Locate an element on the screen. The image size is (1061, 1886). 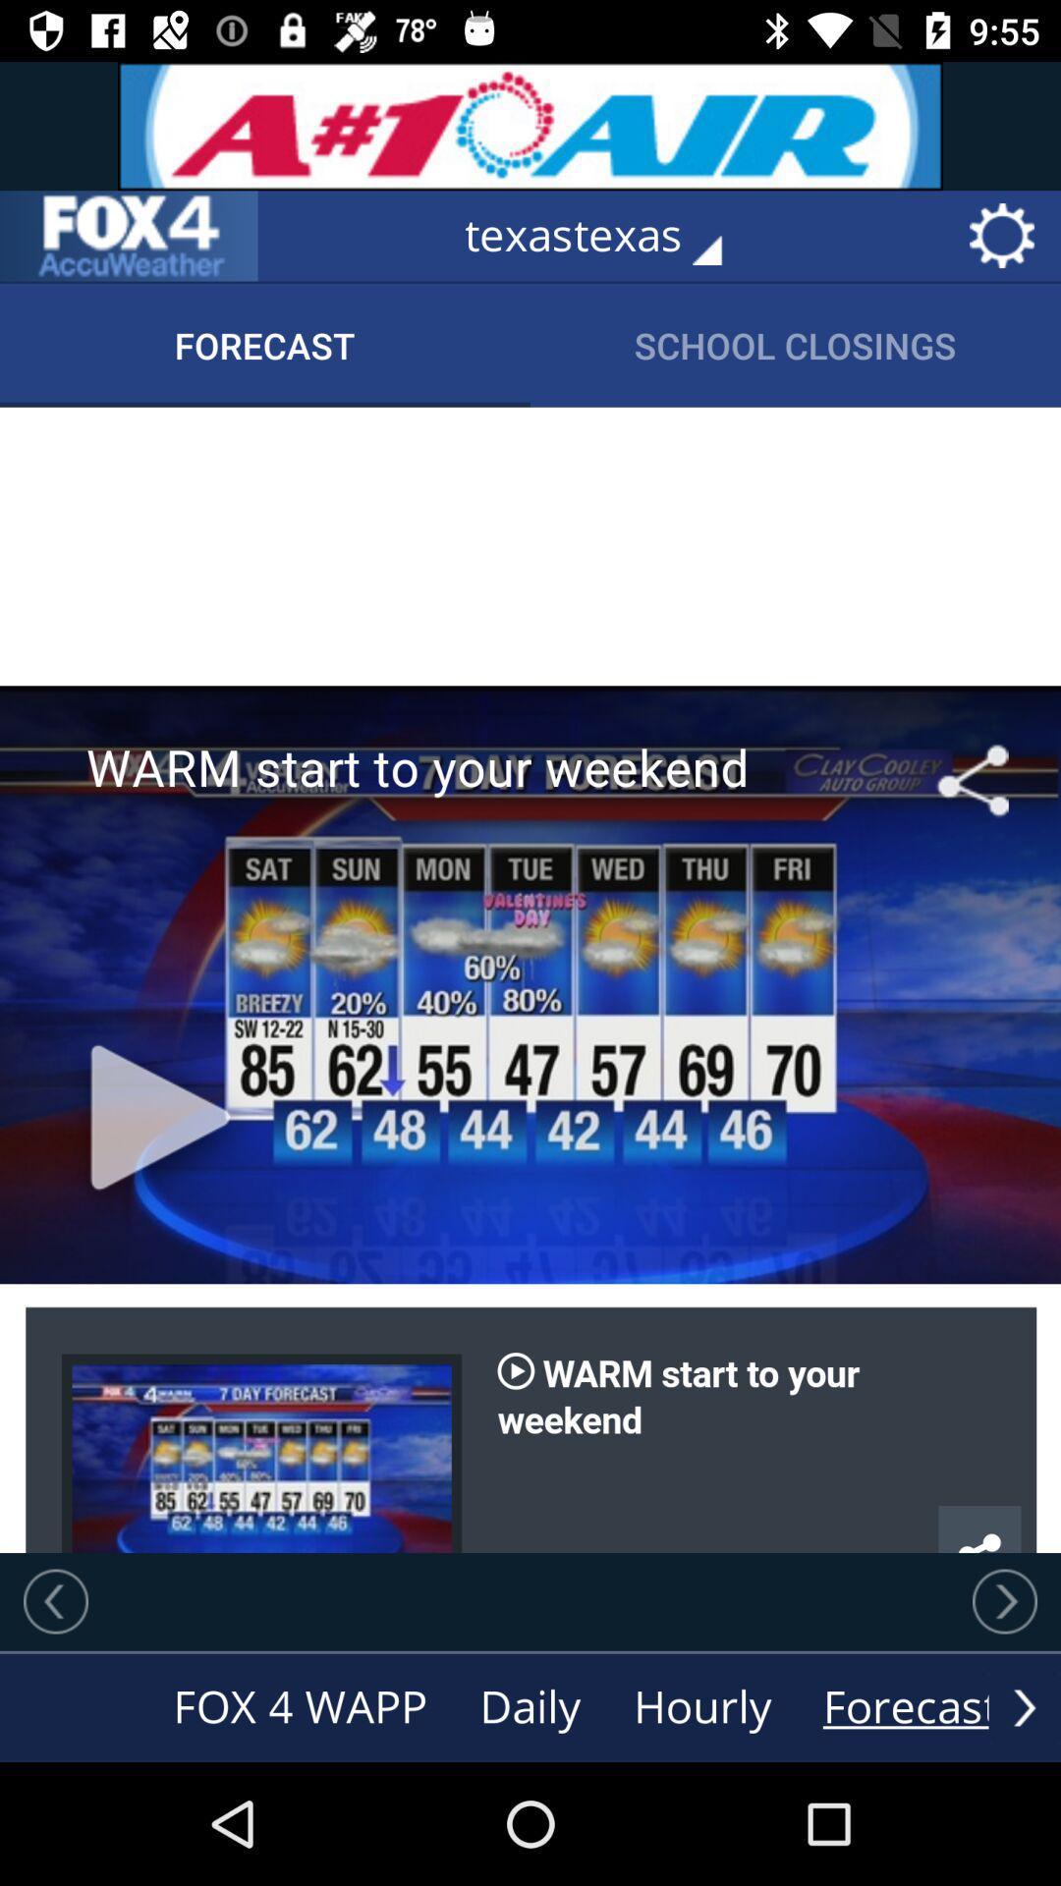
go forward is located at coordinates (1004, 1601).